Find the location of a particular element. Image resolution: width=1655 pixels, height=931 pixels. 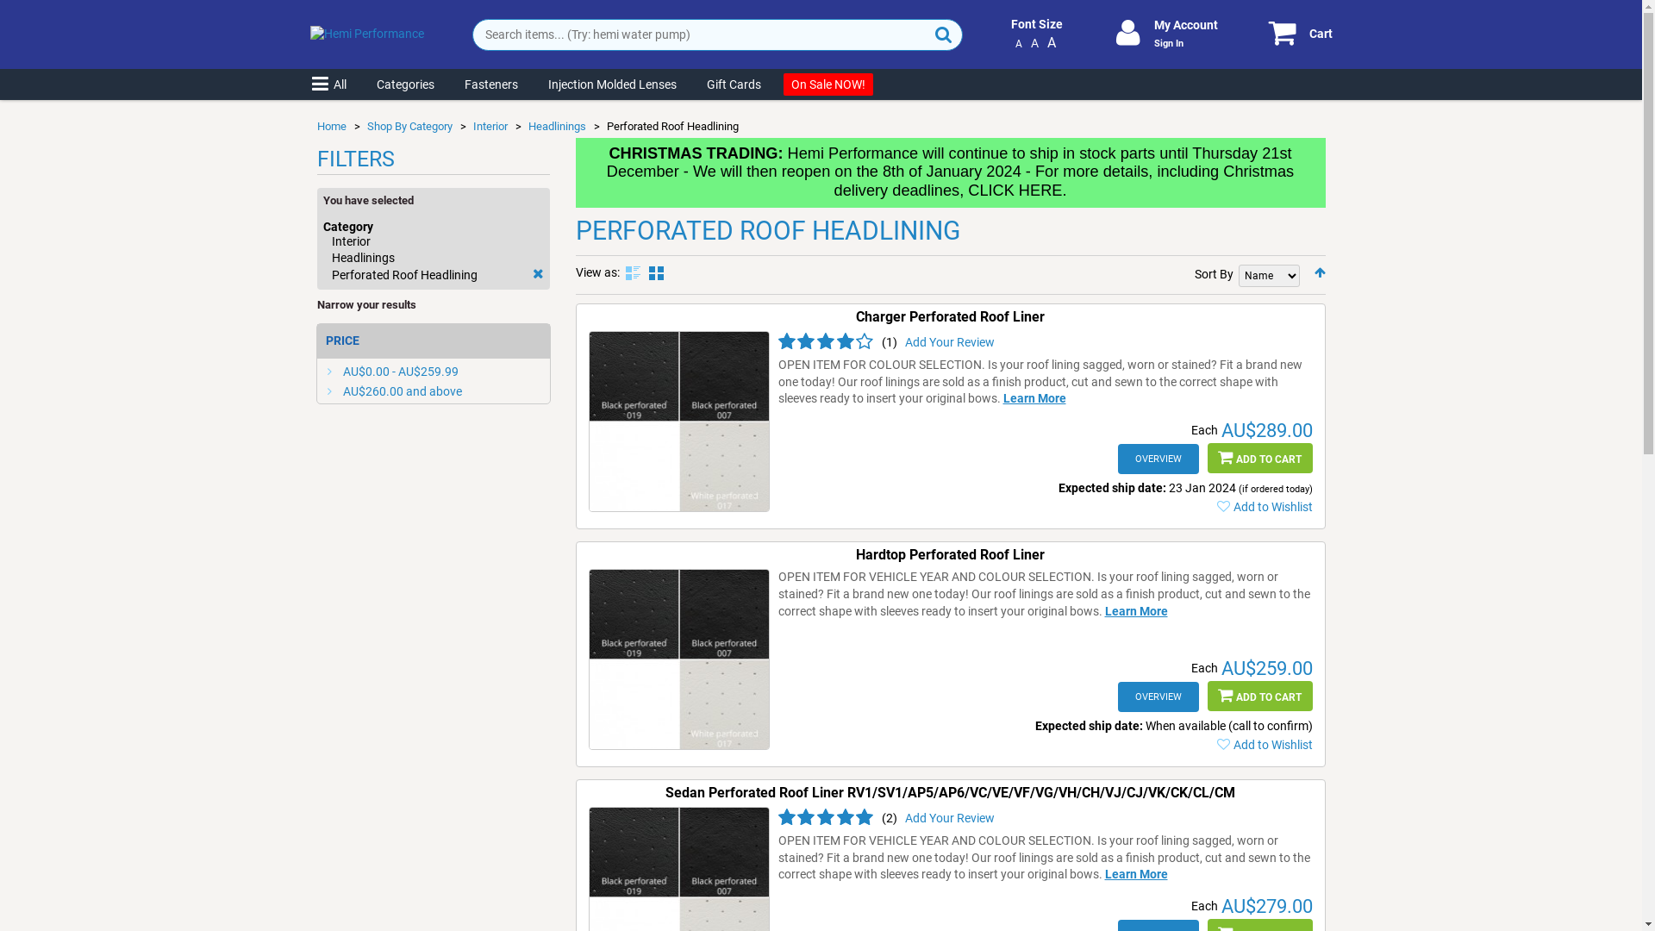

'Charger Perforated Roof Liner' is located at coordinates (949, 316).